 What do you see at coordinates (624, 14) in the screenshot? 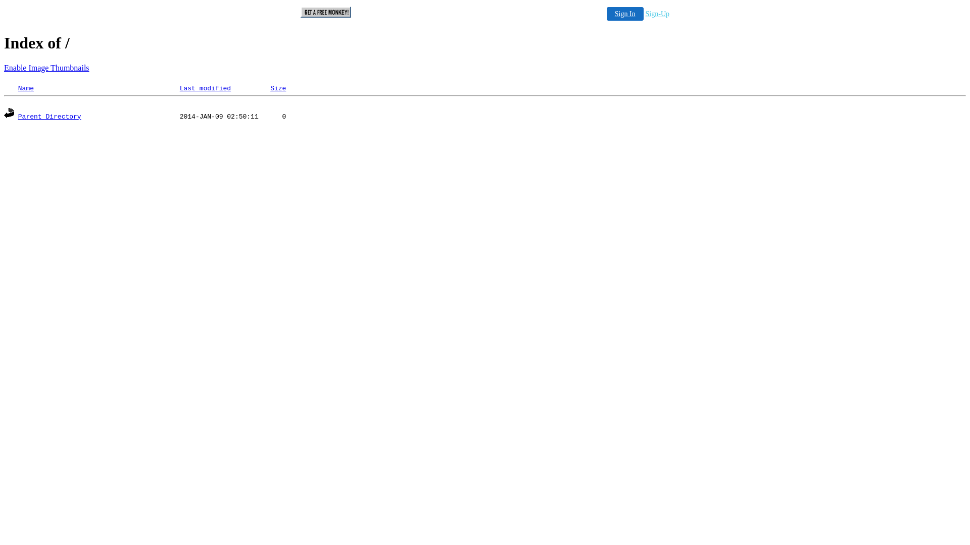
I see `'Sign In'` at bounding box center [624, 14].